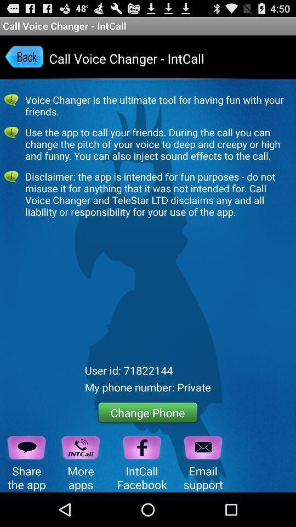  What do you see at coordinates (26, 479) in the screenshot?
I see `the chat icon` at bounding box center [26, 479].